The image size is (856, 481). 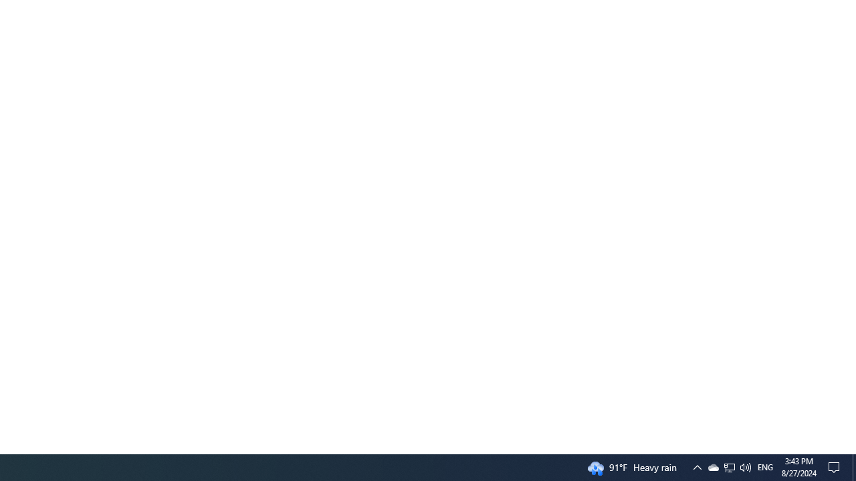 I want to click on 'Tray Input Indicator - English (United States)', so click(x=765, y=466).